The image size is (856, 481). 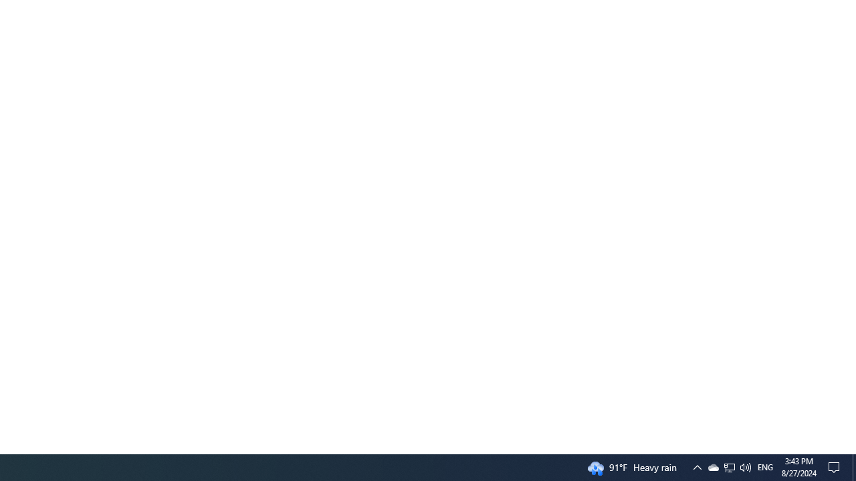 I want to click on 'Tray Input Indicator - English (United States)', so click(x=765, y=466).